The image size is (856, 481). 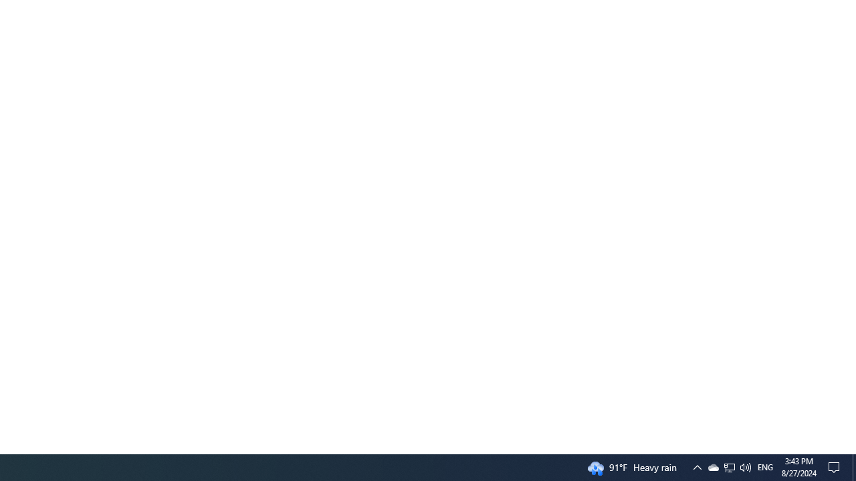 I want to click on 'Tray Input Indicator - English (United States)', so click(x=765, y=466).